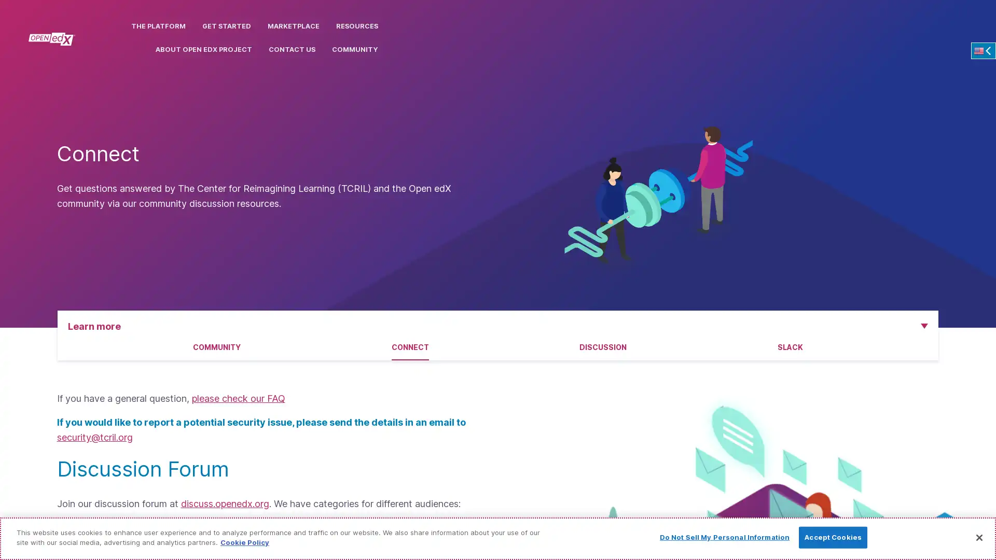 This screenshot has width=996, height=560. I want to click on Close, so click(978, 537).